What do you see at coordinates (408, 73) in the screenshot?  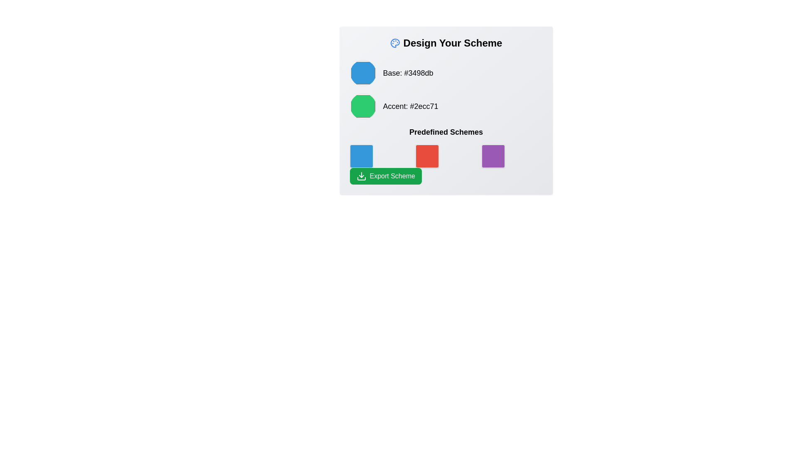 I see `color information displayed in the text label that shows 'Base: #3498db' located at the top-left region of the interface` at bounding box center [408, 73].